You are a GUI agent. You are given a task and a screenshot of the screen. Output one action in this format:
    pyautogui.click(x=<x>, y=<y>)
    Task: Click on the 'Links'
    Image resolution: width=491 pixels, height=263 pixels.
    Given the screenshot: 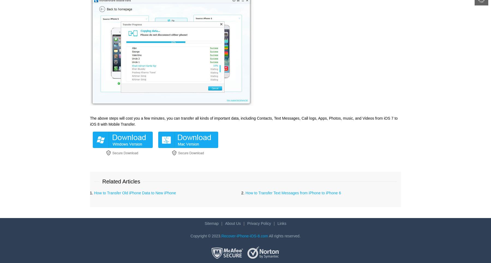 What is the action you would take?
    pyautogui.click(x=277, y=223)
    